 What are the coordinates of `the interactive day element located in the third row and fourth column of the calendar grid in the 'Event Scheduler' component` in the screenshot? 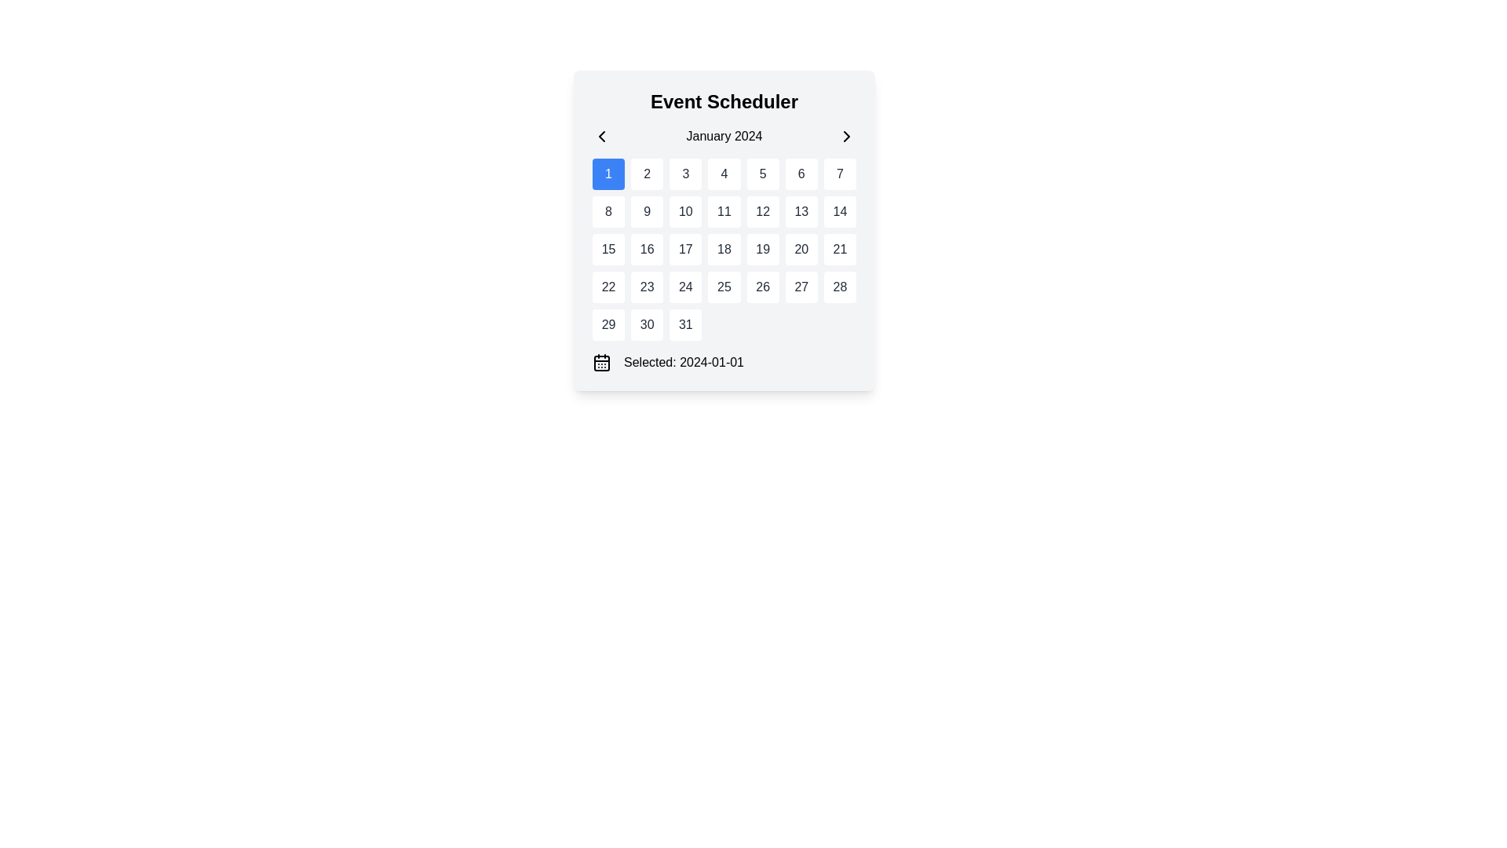 It's located at (723, 248).